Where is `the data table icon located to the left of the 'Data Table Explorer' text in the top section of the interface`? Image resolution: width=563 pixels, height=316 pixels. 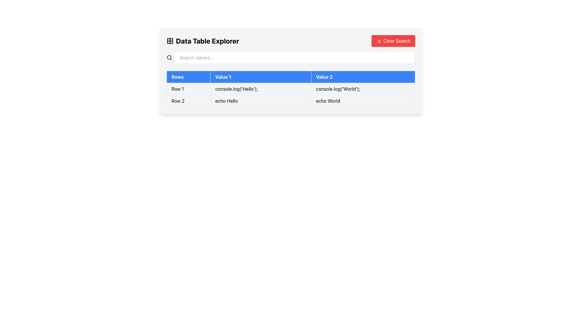
the data table icon located to the left of the 'Data Table Explorer' text in the top section of the interface is located at coordinates (170, 40).